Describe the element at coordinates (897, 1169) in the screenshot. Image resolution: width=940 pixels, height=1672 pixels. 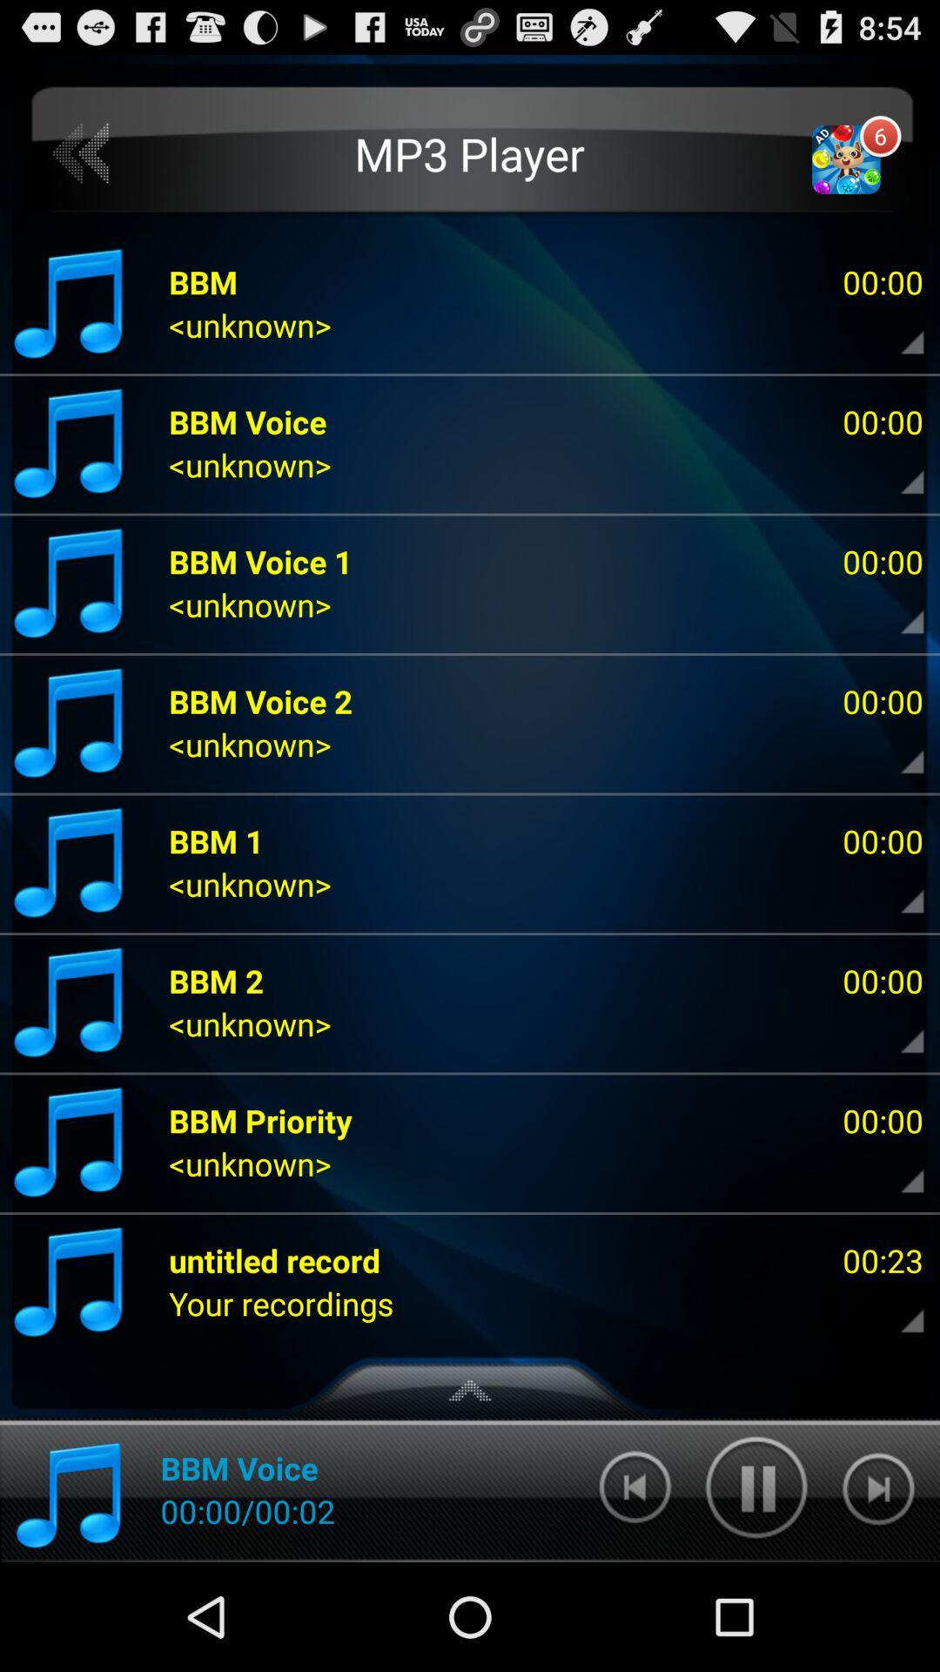
I see `more option` at that location.